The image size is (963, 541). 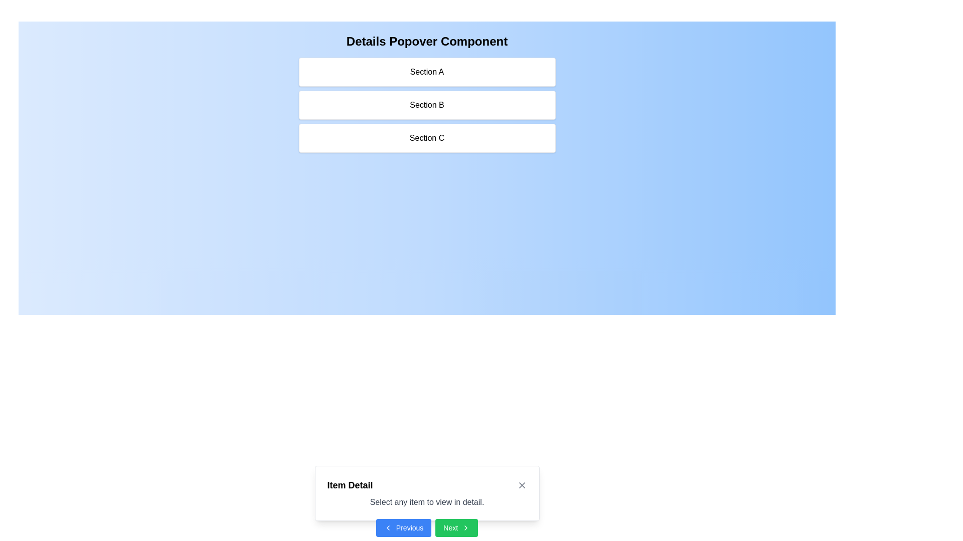 What do you see at coordinates (465, 527) in the screenshot?
I see `the rightward-pointing chevron icon located within the green 'Next' button` at bounding box center [465, 527].